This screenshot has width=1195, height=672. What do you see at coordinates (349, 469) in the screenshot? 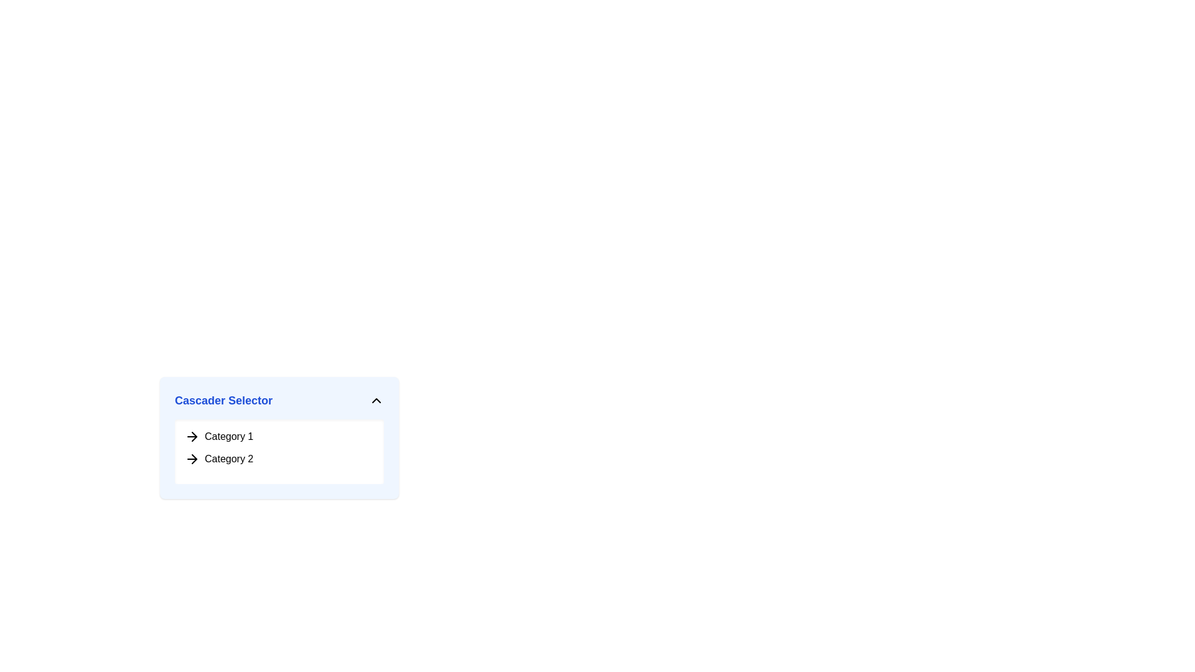
I see `the boxes in the 'Cascader Selector' pop-up menu` at bounding box center [349, 469].